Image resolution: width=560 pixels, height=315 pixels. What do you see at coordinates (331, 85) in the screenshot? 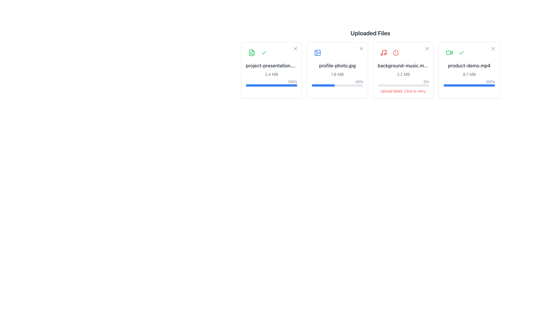
I see `progress bar value` at bounding box center [331, 85].